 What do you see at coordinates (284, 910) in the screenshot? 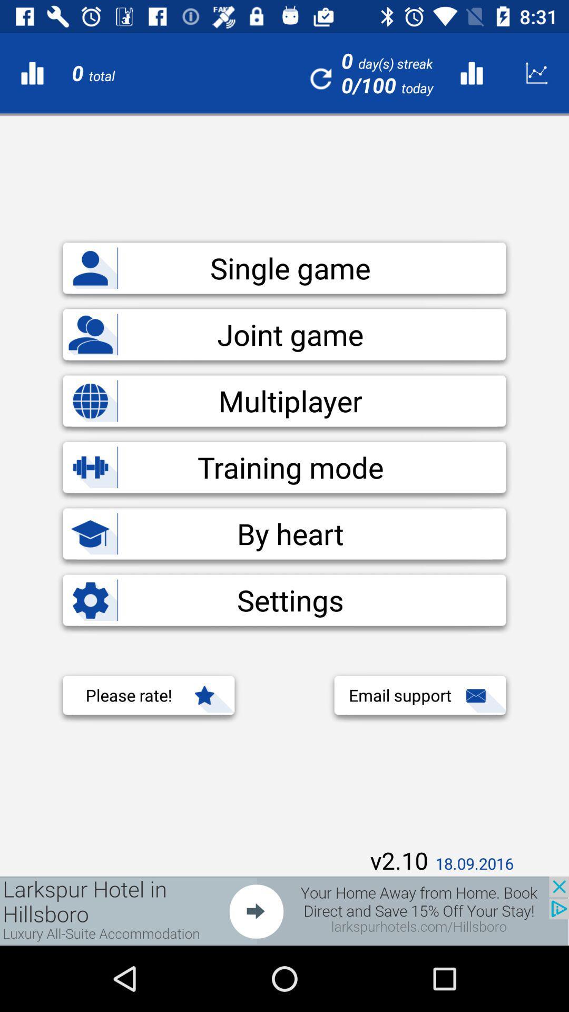
I see `the advertisement` at bounding box center [284, 910].